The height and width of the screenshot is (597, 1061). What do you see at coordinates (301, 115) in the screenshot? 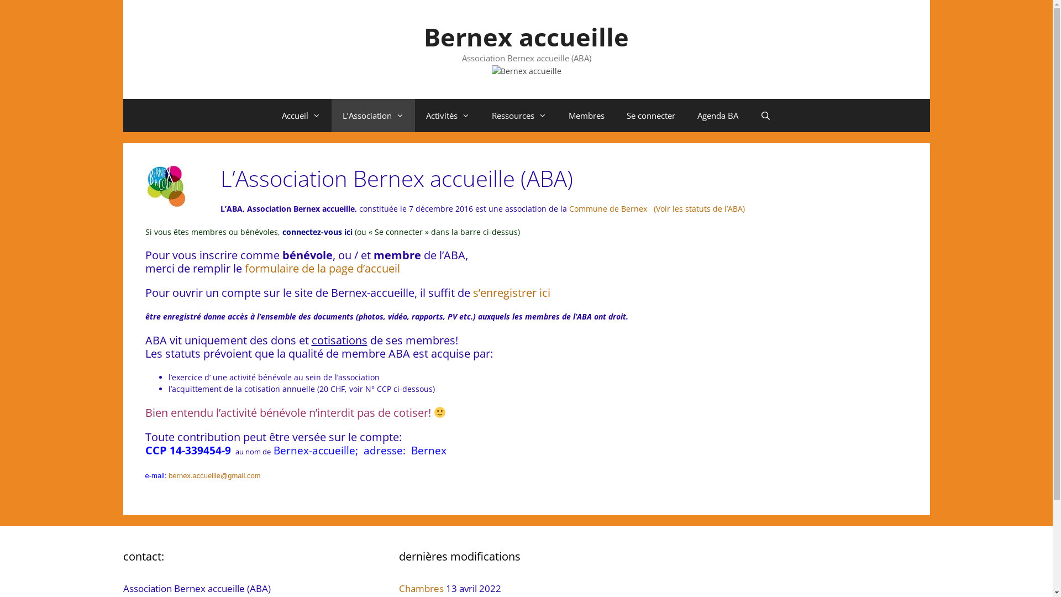
I see `'Accueil'` at bounding box center [301, 115].